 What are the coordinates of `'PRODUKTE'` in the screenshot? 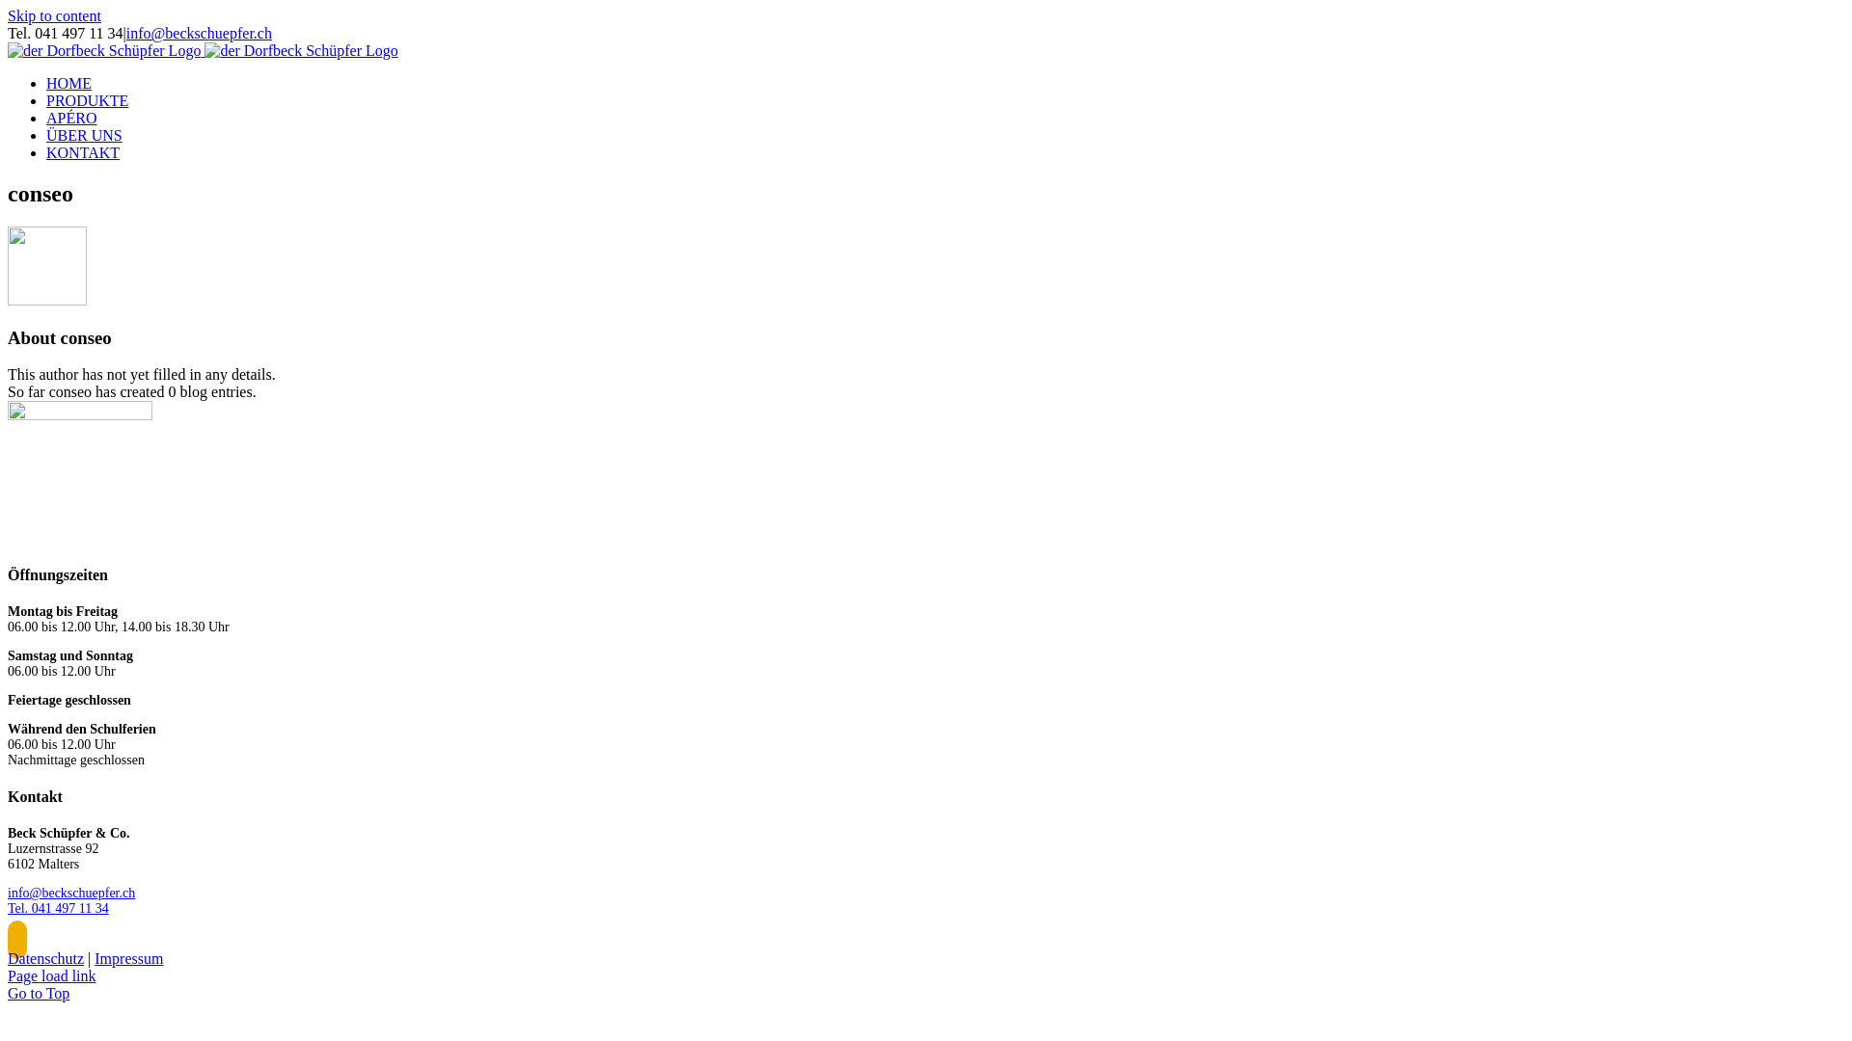 It's located at (86, 100).